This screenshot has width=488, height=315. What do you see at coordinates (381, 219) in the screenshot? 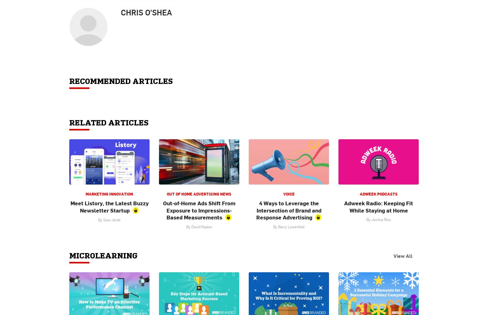
I see `'Joshua Rios'` at bounding box center [381, 219].